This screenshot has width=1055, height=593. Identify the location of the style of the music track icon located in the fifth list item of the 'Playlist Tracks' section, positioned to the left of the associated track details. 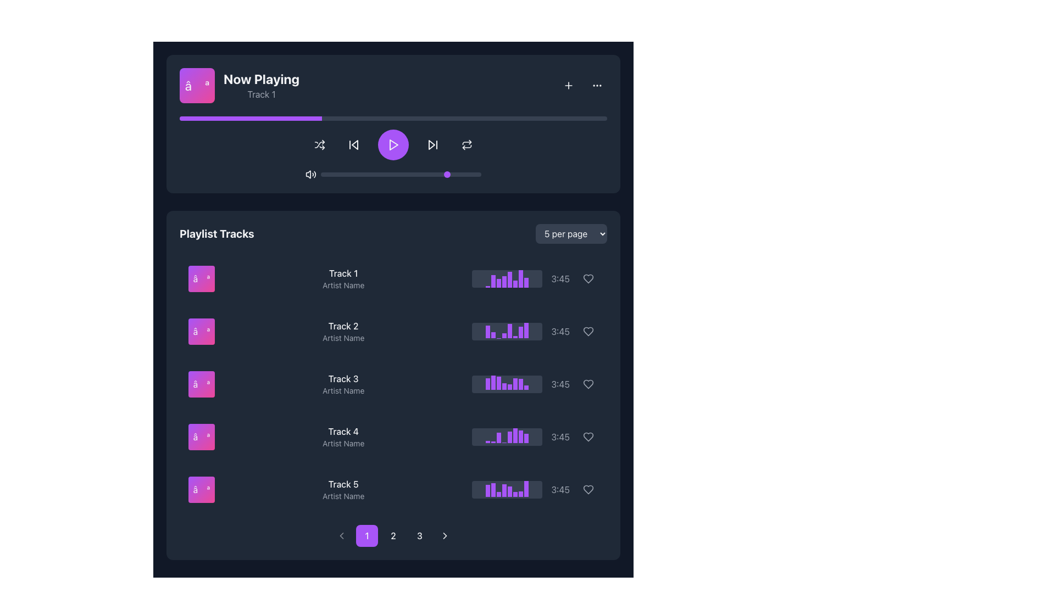
(201, 489).